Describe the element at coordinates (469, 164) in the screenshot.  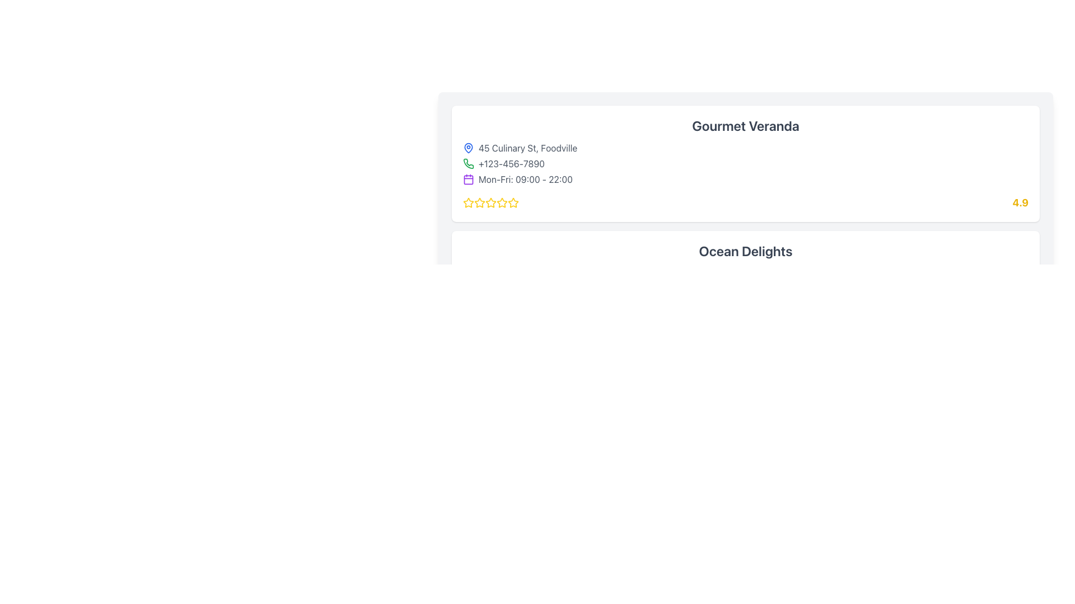
I see `the phone icon representing the calling feature, which is styled with green outlines and is located next to the phone number '+123-456-7890' below the address '45 Culinary St, Foodville'` at that location.